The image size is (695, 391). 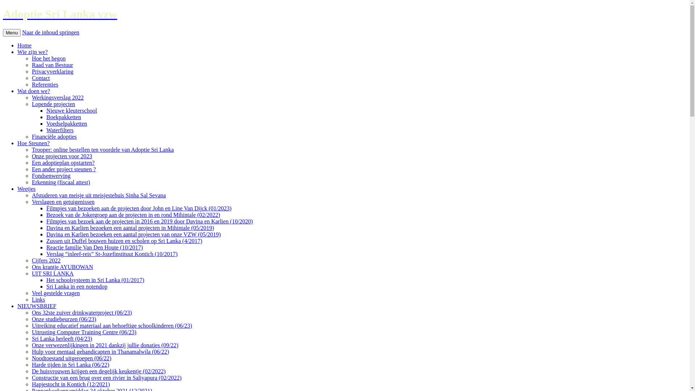 What do you see at coordinates (31, 358) in the screenshot?
I see `'Noodtoestand uitgeroepen (06/22)'` at bounding box center [31, 358].